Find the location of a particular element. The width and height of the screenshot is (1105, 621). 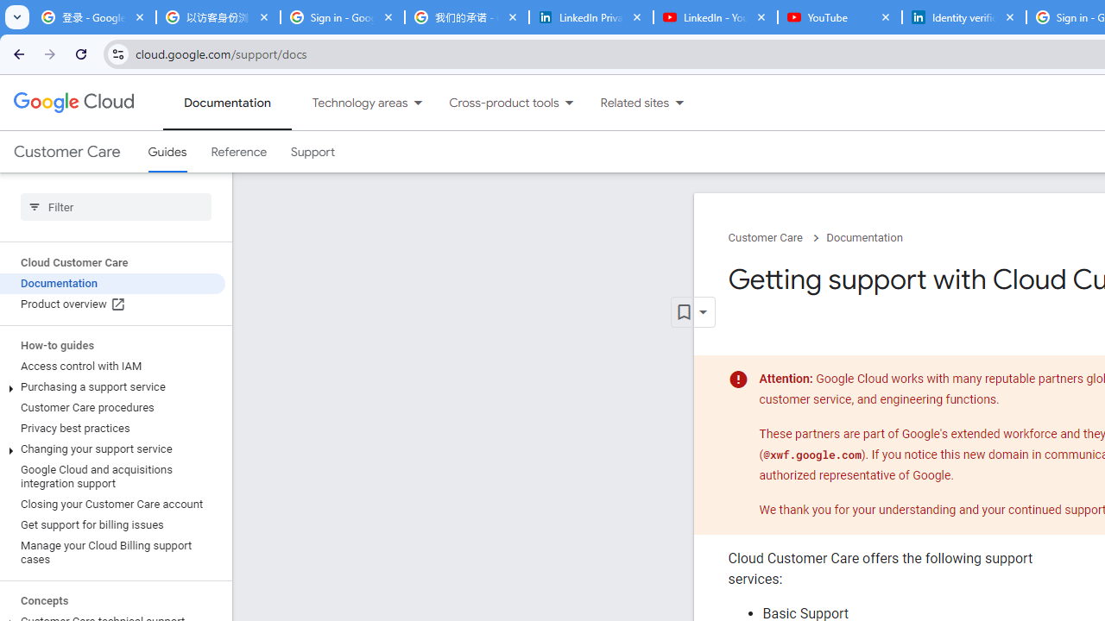

'LinkedIn - YouTube' is located at coordinates (715, 17).